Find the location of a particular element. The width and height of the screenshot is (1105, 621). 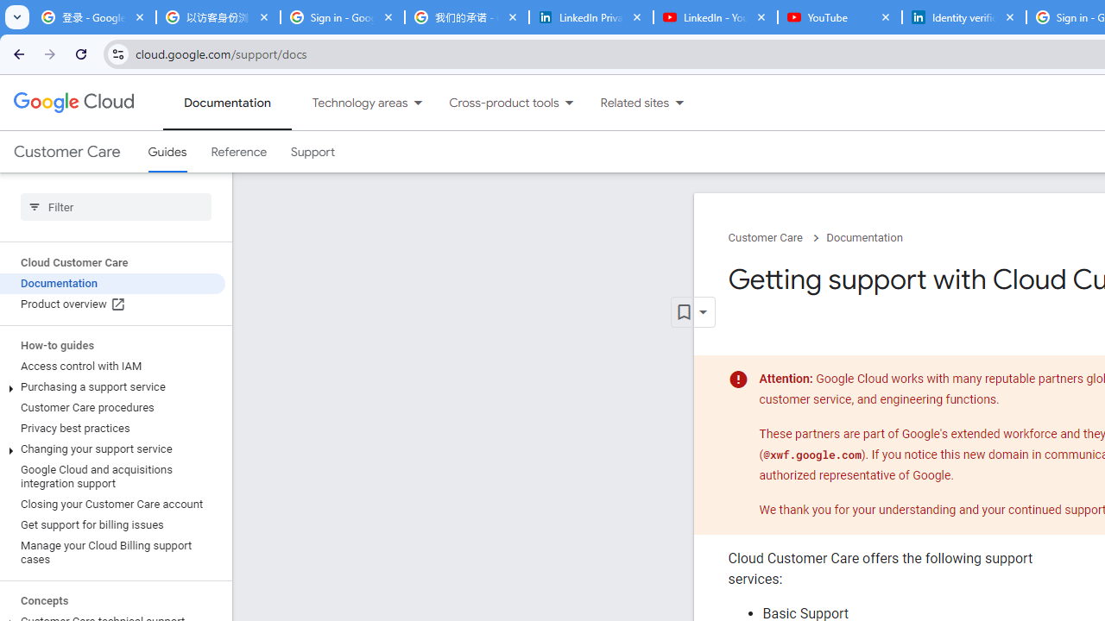

'LinkedIn - YouTube' is located at coordinates (715, 17).